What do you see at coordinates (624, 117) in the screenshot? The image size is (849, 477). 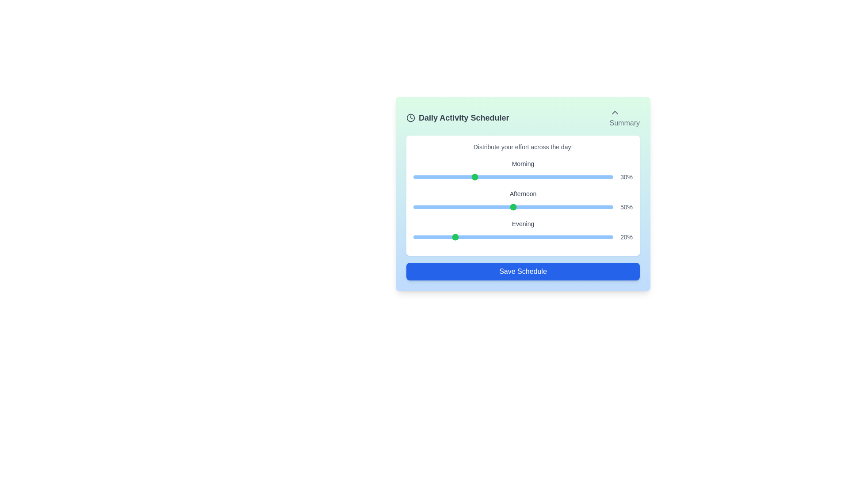 I see `the 'Summary' button to toggle the summary section` at bounding box center [624, 117].